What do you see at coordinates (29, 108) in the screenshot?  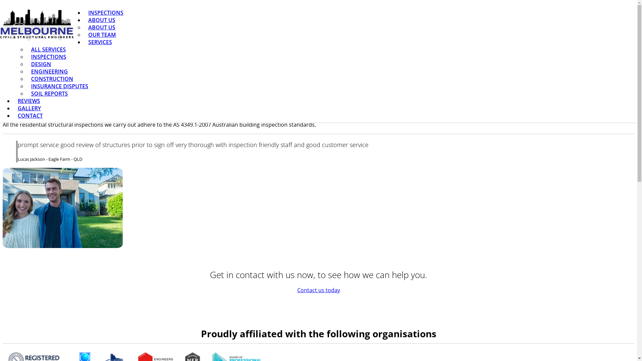 I see `'GALLERY'` at bounding box center [29, 108].